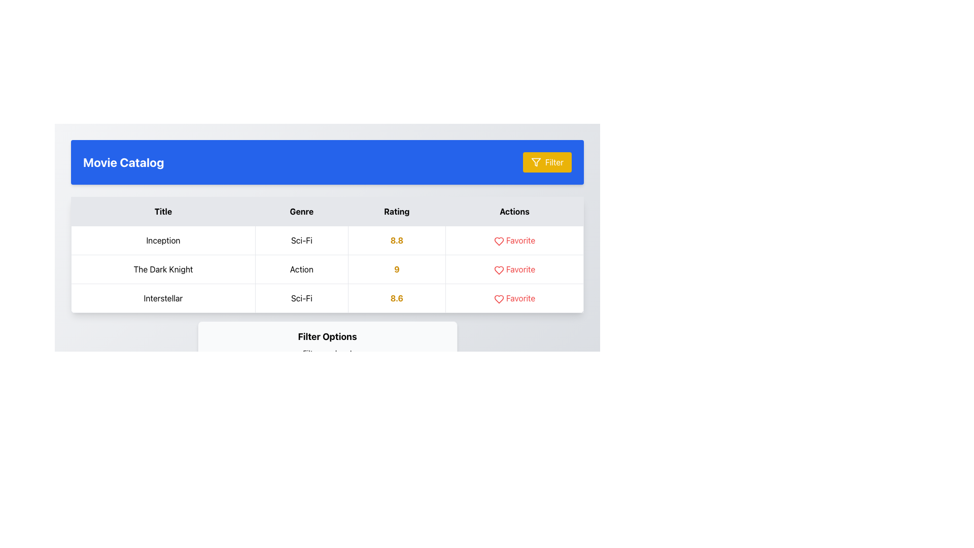 This screenshot has width=974, height=548. What do you see at coordinates (514, 269) in the screenshot?
I see `the 'Favorite' action indicator for the movie 'The Dark Knight' to mark it as favorite` at bounding box center [514, 269].